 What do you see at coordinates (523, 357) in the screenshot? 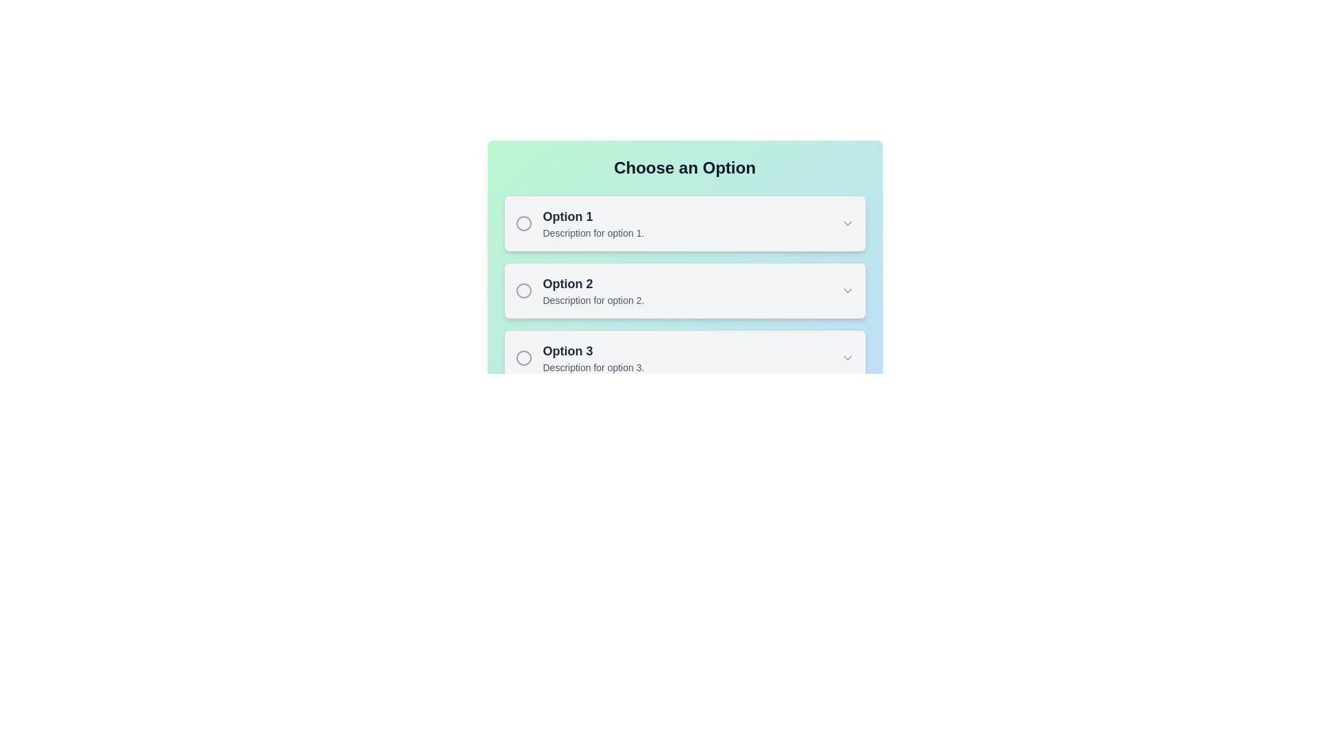
I see `the circular radio button representing 'Option 3' in the third row of the options list` at bounding box center [523, 357].